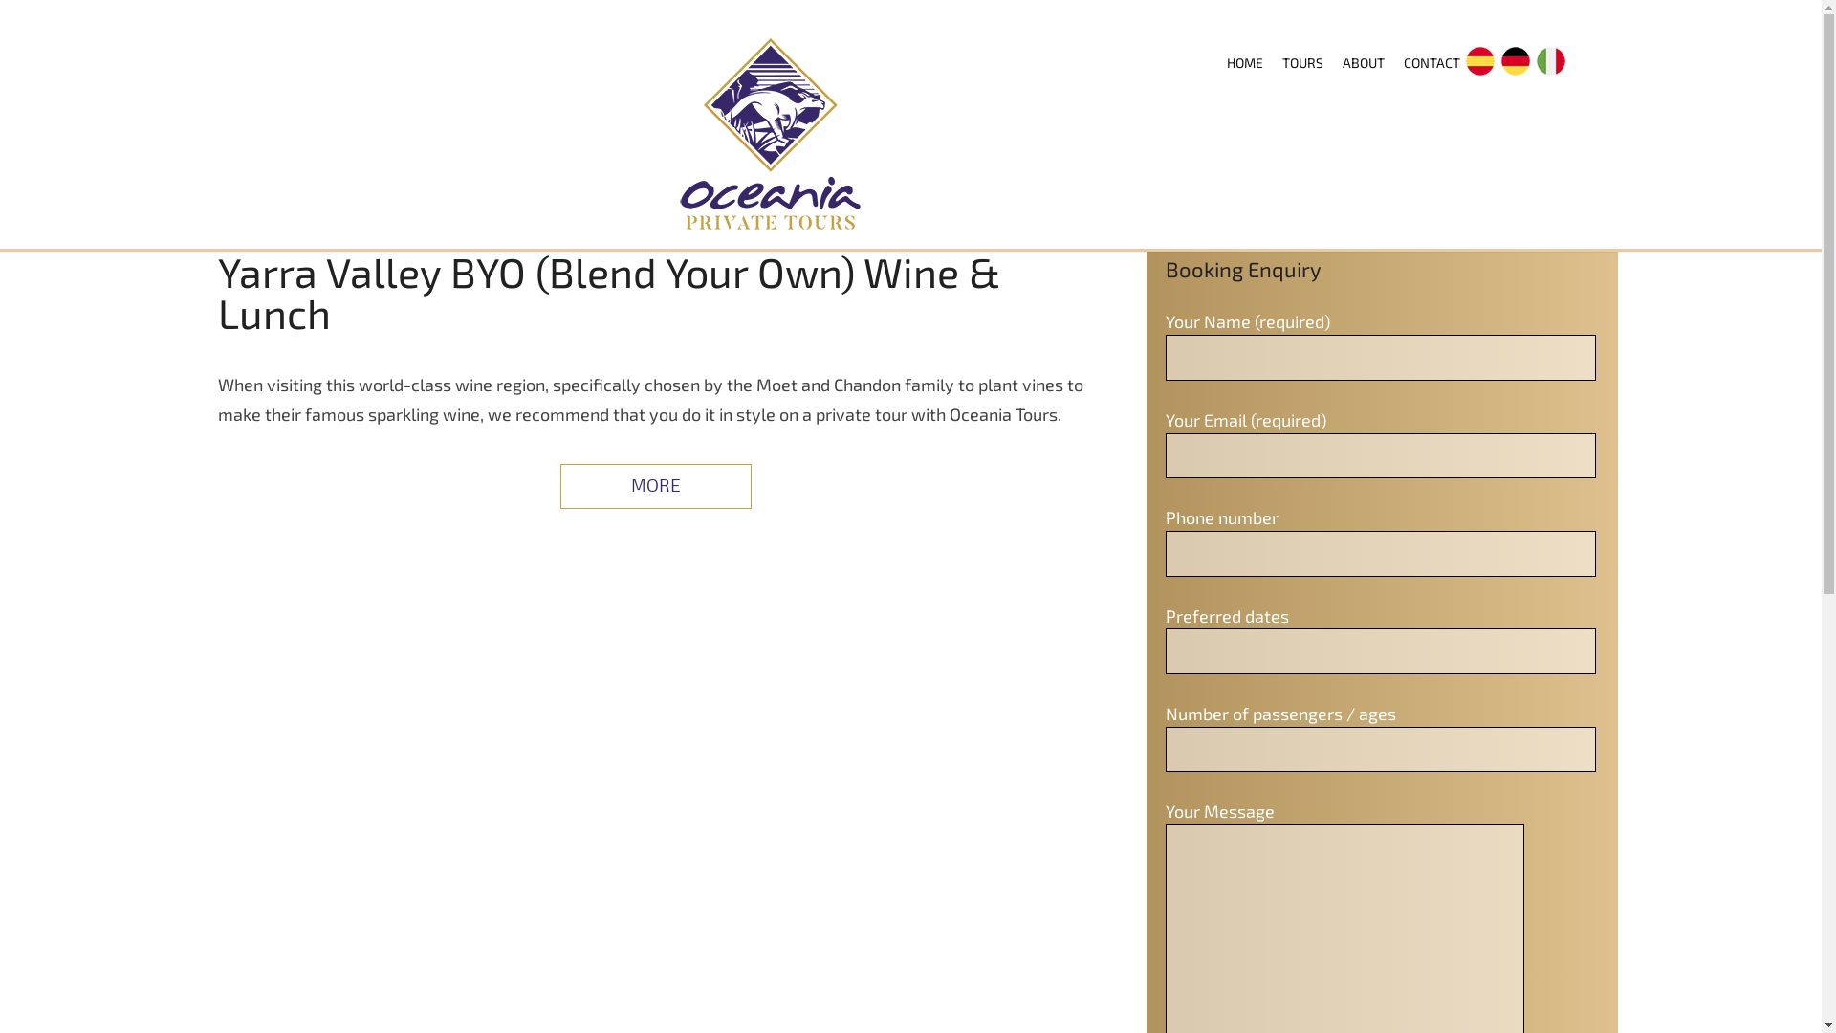 This screenshot has height=1033, width=1836. Describe the element at coordinates (1235, 61) in the screenshot. I see `'HOME'` at that location.